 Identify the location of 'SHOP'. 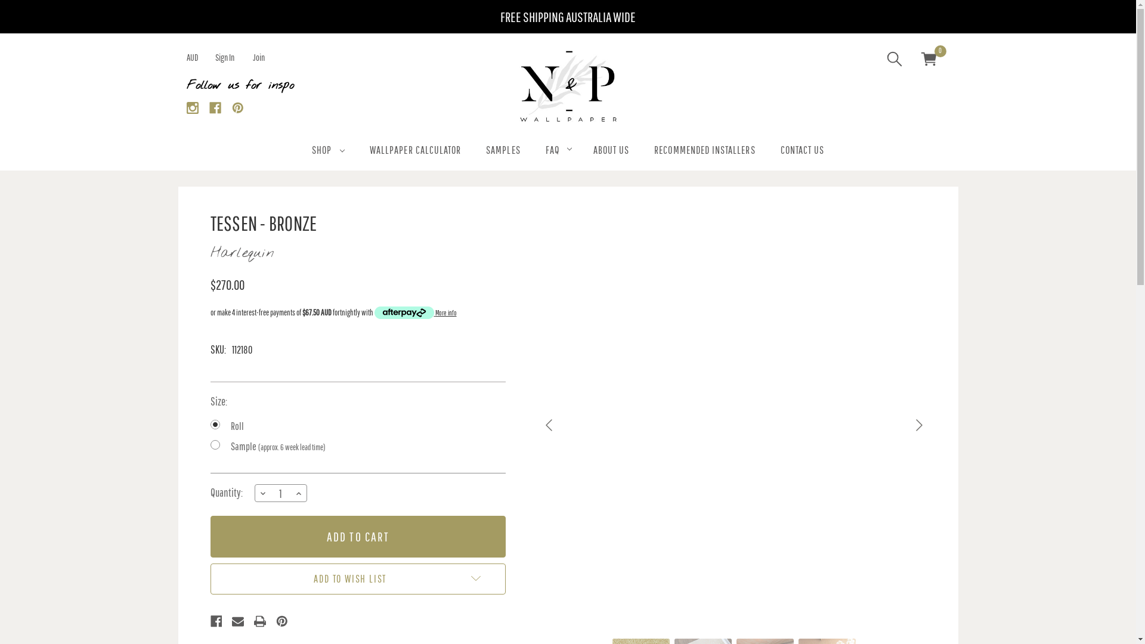
(328, 151).